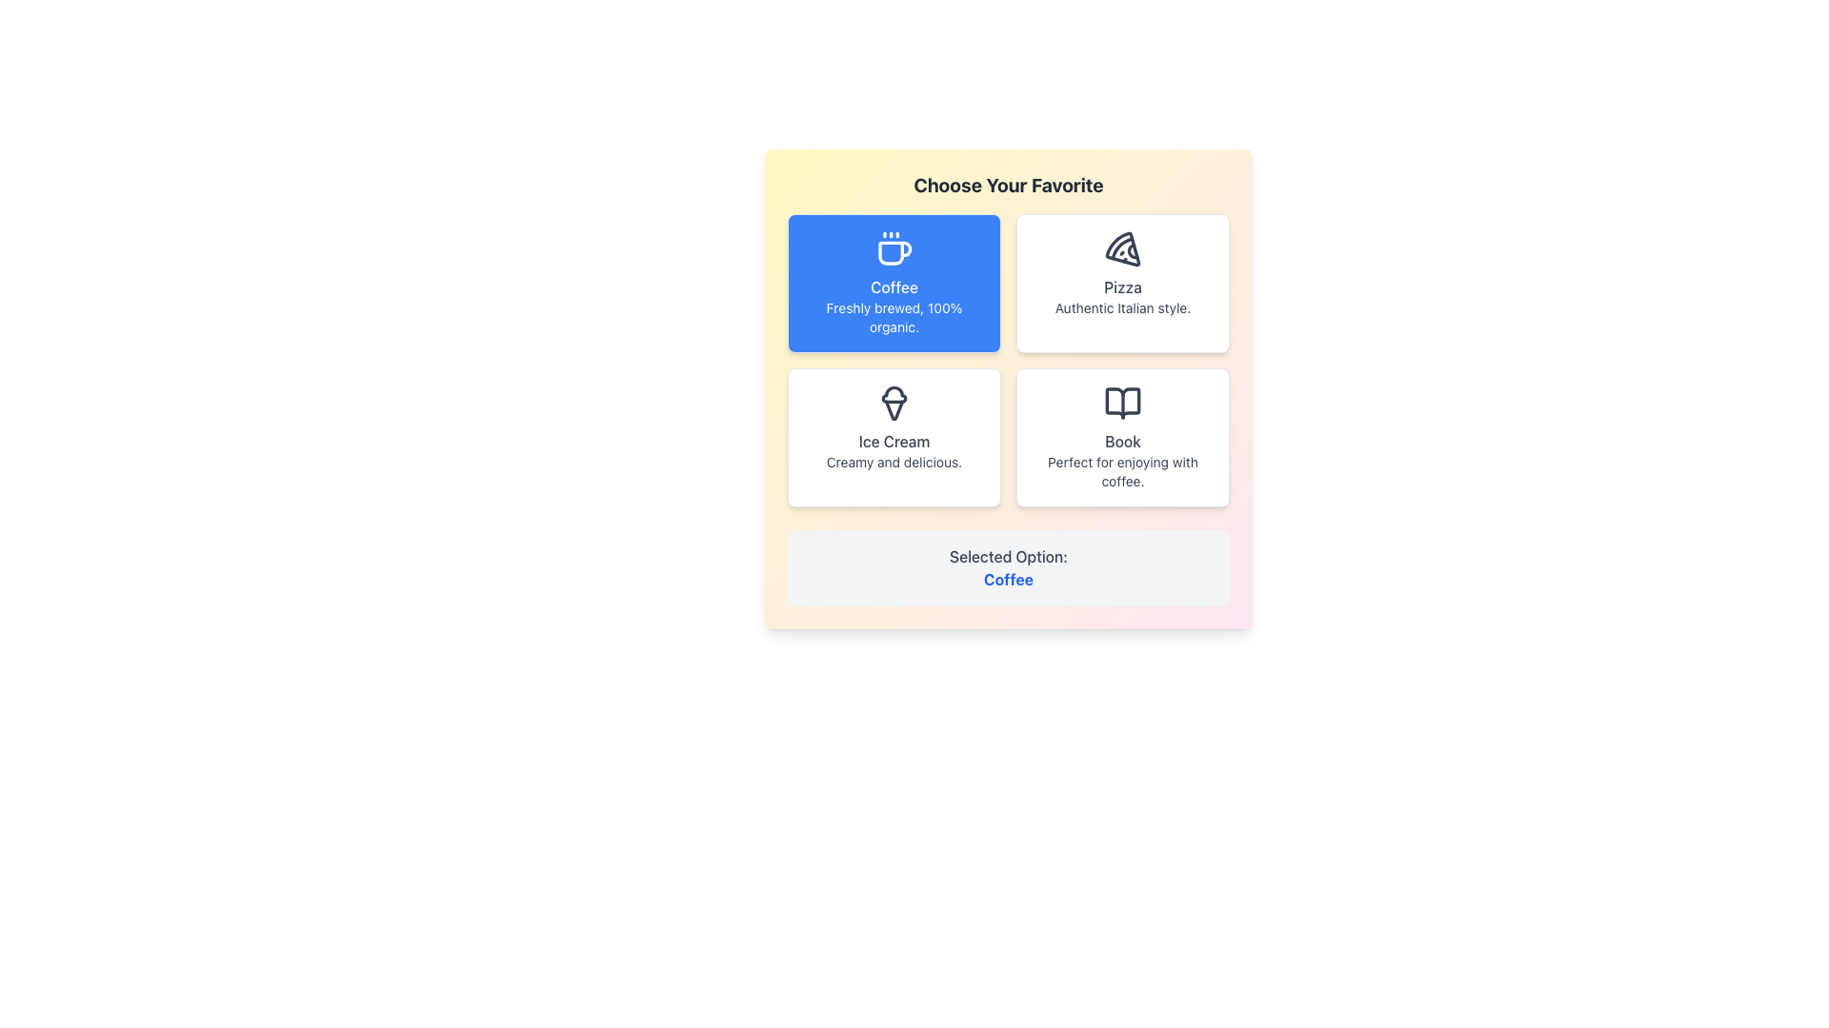 The image size is (1829, 1028). I want to click on text label that provides a description for the 'Ice Cream' option, located at the bottom of the 'Ice Cream' card, so click(894, 463).